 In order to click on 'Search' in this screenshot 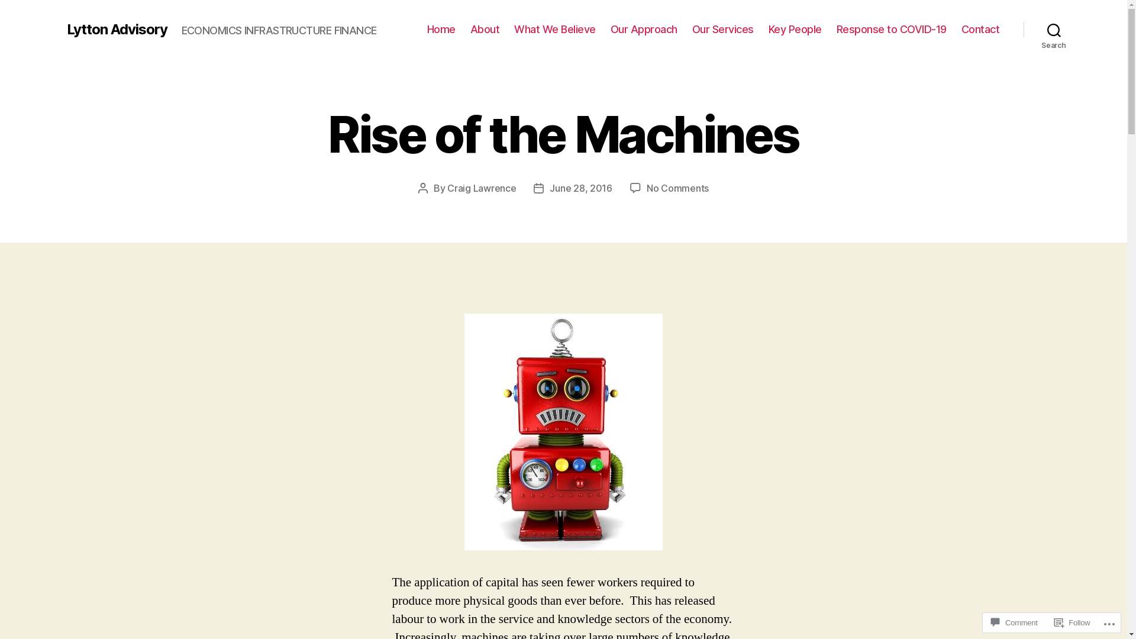, I will do `click(1054, 29)`.